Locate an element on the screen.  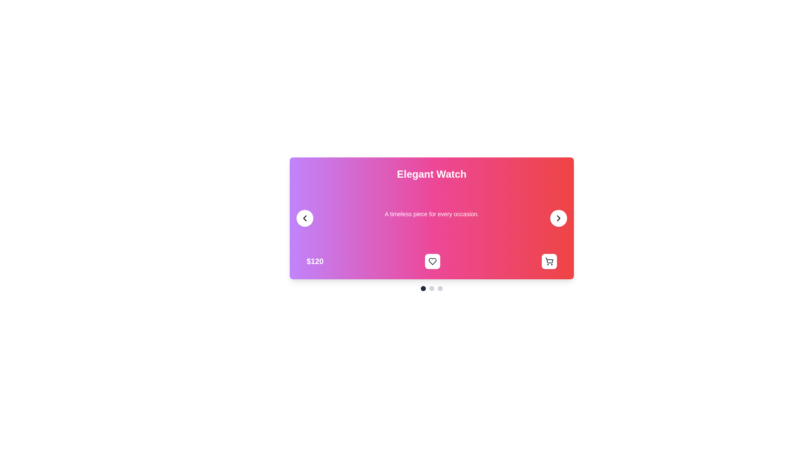
the right-pointing chevron icon embedded within the circular button located on the right side of the gradient card for keyboard navigation is located at coordinates (558, 218).